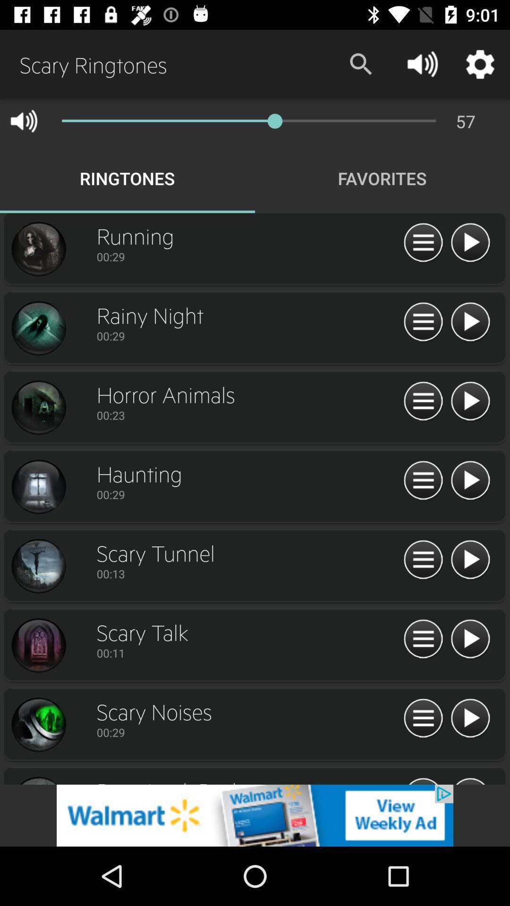  Describe the element at coordinates (470, 402) in the screenshot. I see `play option` at that location.